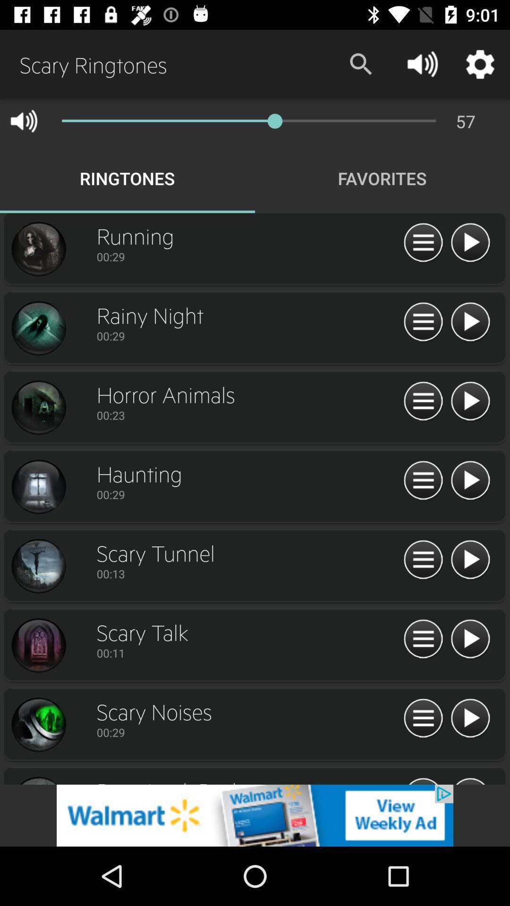  Describe the element at coordinates (470, 402) in the screenshot. I see `play option` at that location.